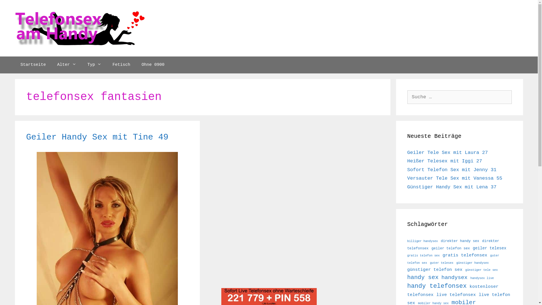 This screenshot has width=542, height=305. I want to click on 'Telefonsex Handy', so click(79, 28).